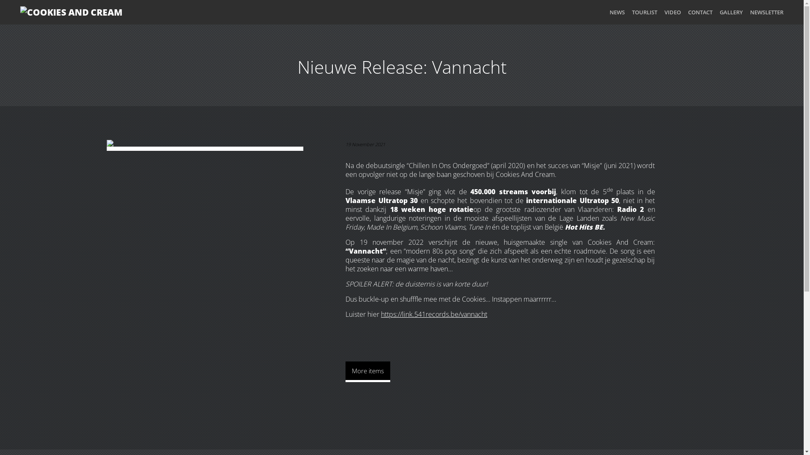 This screenshot has height=455, width=810. I want to click on 'NEWS', so click(617, 12).